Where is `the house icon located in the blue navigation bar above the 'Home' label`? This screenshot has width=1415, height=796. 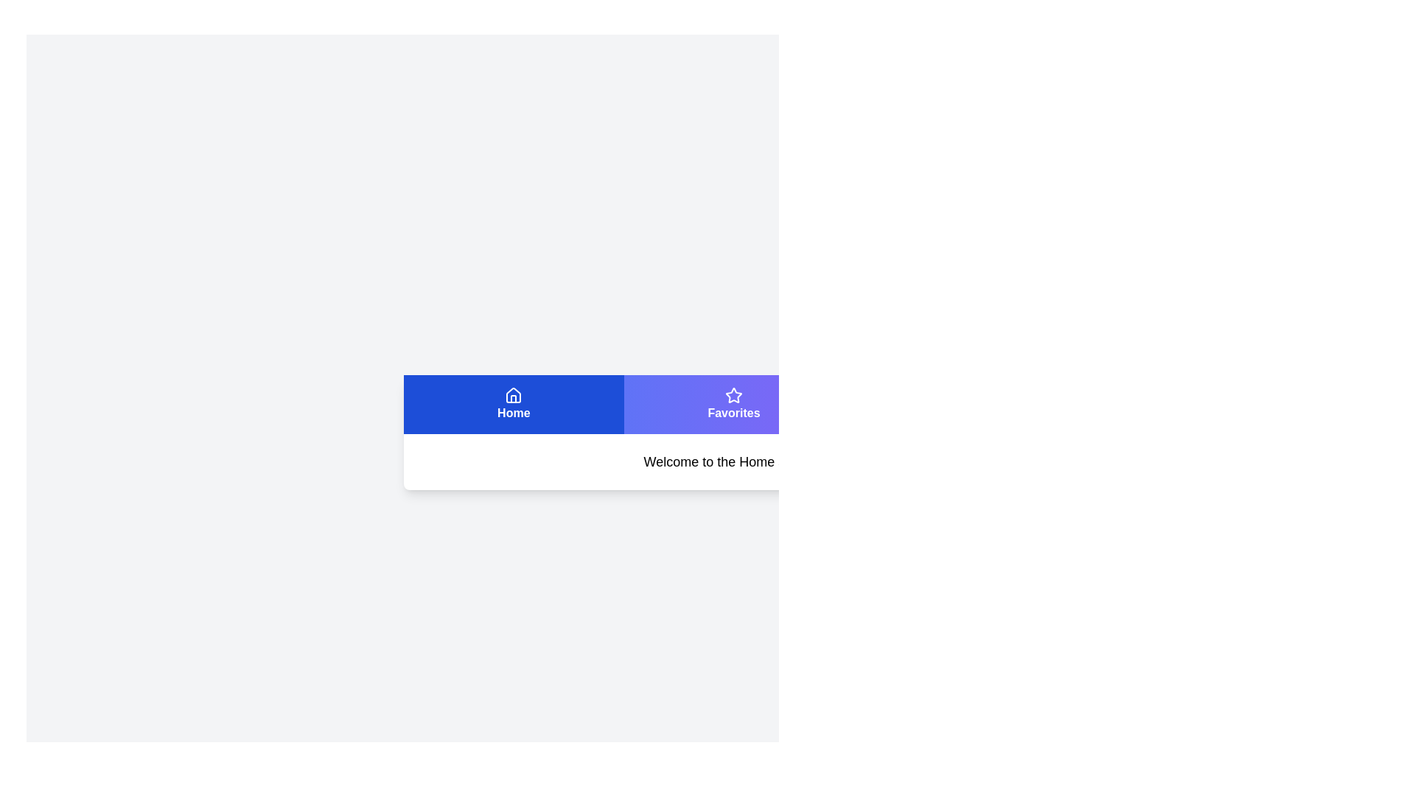 the house icon located in the blue navigation bar above the 'Home' label is located at coordinates (514, 394).